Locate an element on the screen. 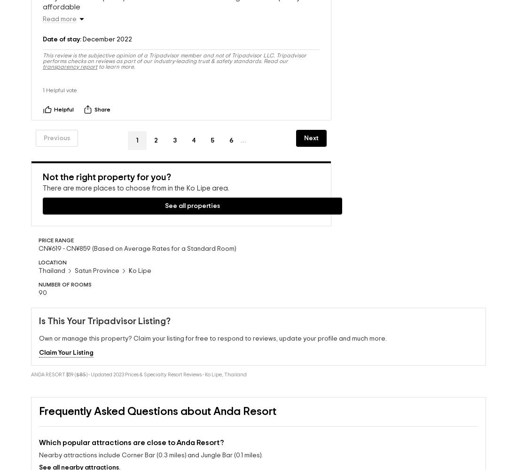 The image size is (517, 470). 'Next' is located at coordinates (304, 123).